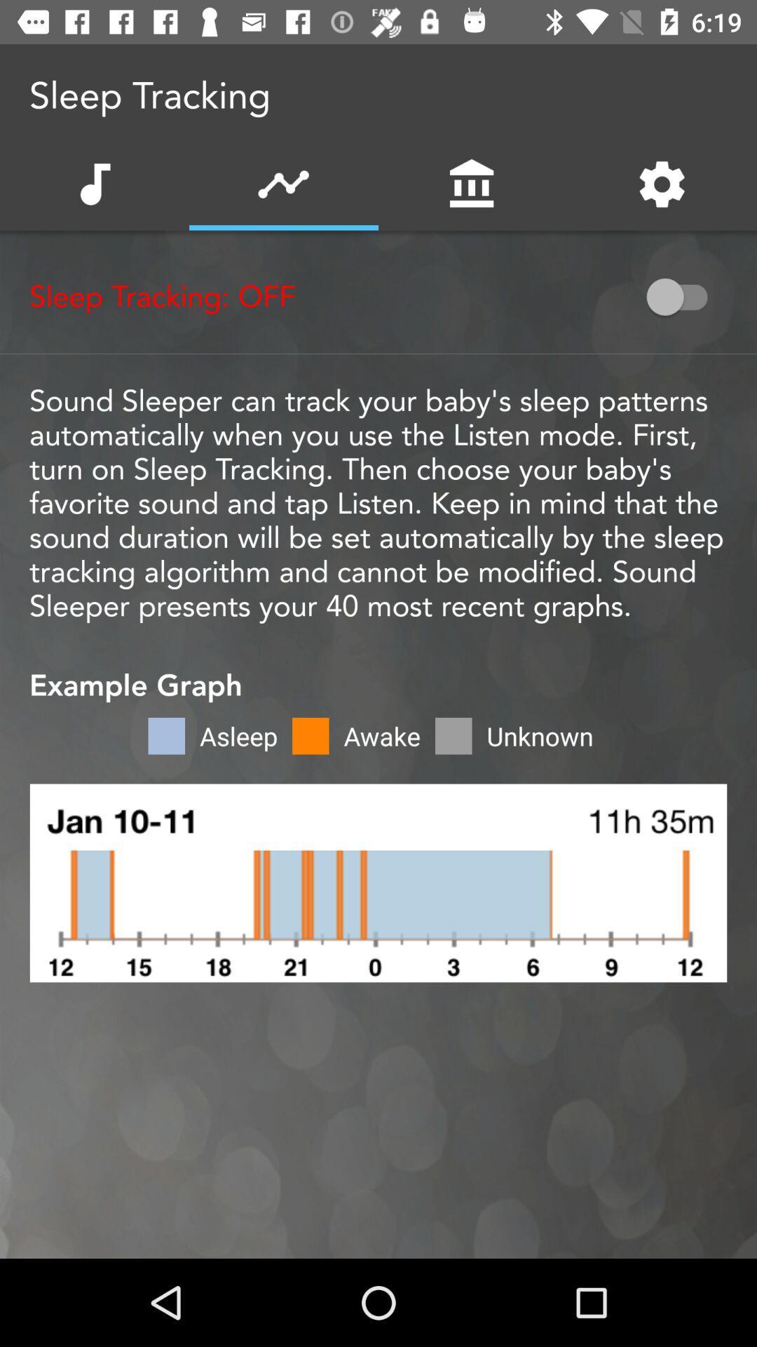  What do you see at coordinates (453, 735) in the screenshot?
I see `the light gray color box beside awake option` at bounding box center [453, 735].